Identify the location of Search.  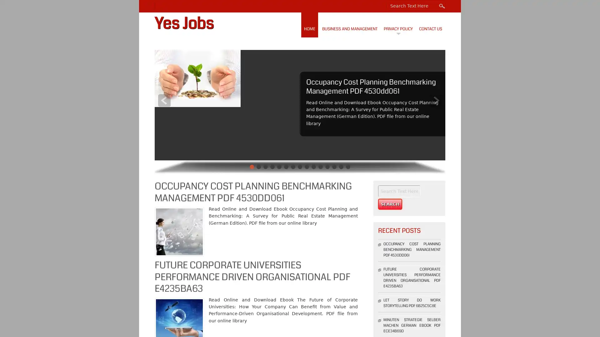
(390, 204).